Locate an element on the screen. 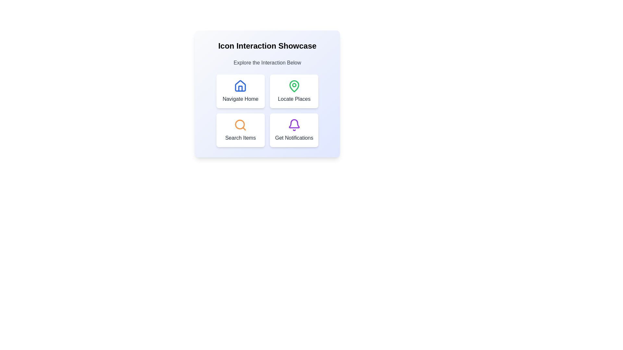 Image resolution: width=623 pixels, height=350 pixels. the 'Locate Places' icon, which is the second item in the top row of a 2x2 grid layout, located to the right of the blue house icon and above the orange magnifying glass icon is located at coordinates (294, 86).